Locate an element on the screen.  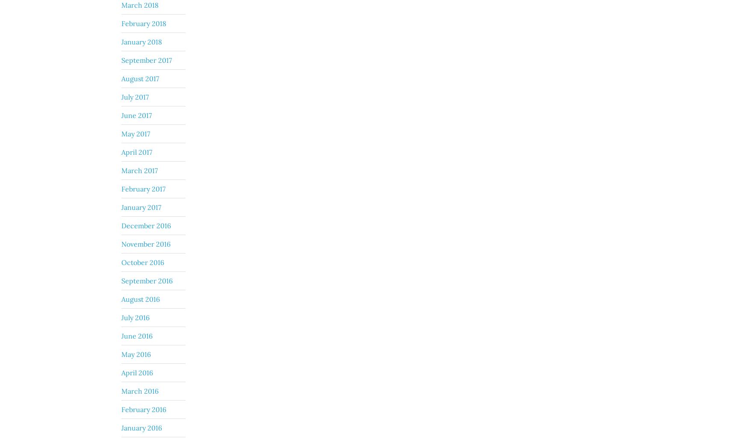
'January 2017' is located at coordinates (141, 207).